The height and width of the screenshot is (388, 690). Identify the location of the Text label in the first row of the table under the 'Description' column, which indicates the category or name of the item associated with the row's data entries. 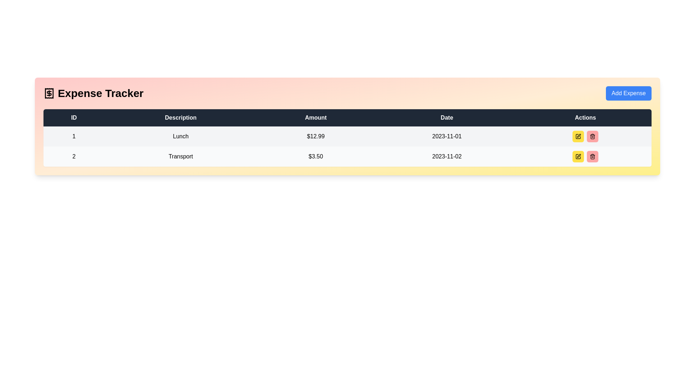
(181, 137).